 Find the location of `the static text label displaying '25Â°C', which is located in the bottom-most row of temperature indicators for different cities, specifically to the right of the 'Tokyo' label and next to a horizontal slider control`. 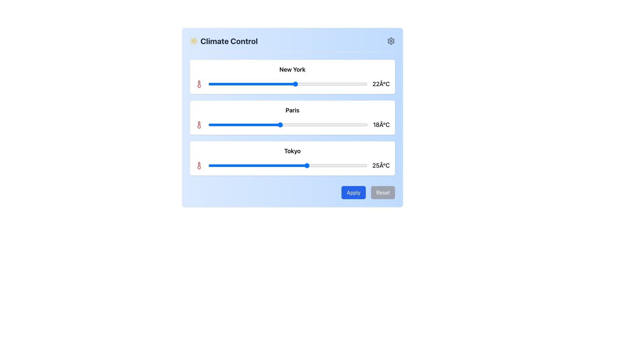

the static text label displaying '25Â°C', which is located in the bottom-most row of temperature indicators for different cities, specifically to the right of the 'Tokyo' label and next to a horizontal slider control is located at coordinates (381, 165).